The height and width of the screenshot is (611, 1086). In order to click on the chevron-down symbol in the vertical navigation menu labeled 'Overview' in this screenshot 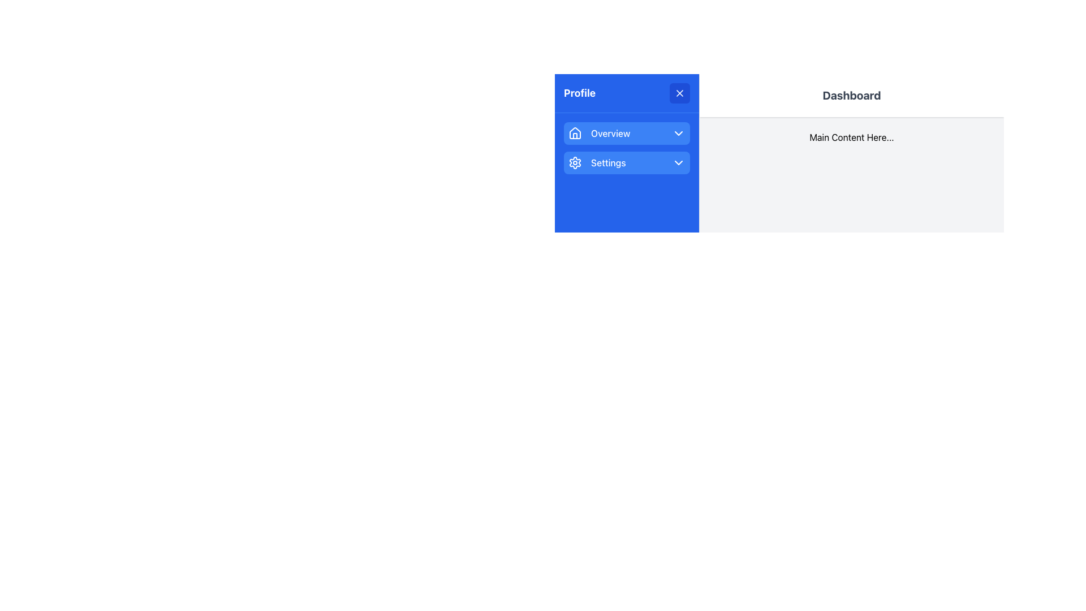, I will do `click(626, 148)`.